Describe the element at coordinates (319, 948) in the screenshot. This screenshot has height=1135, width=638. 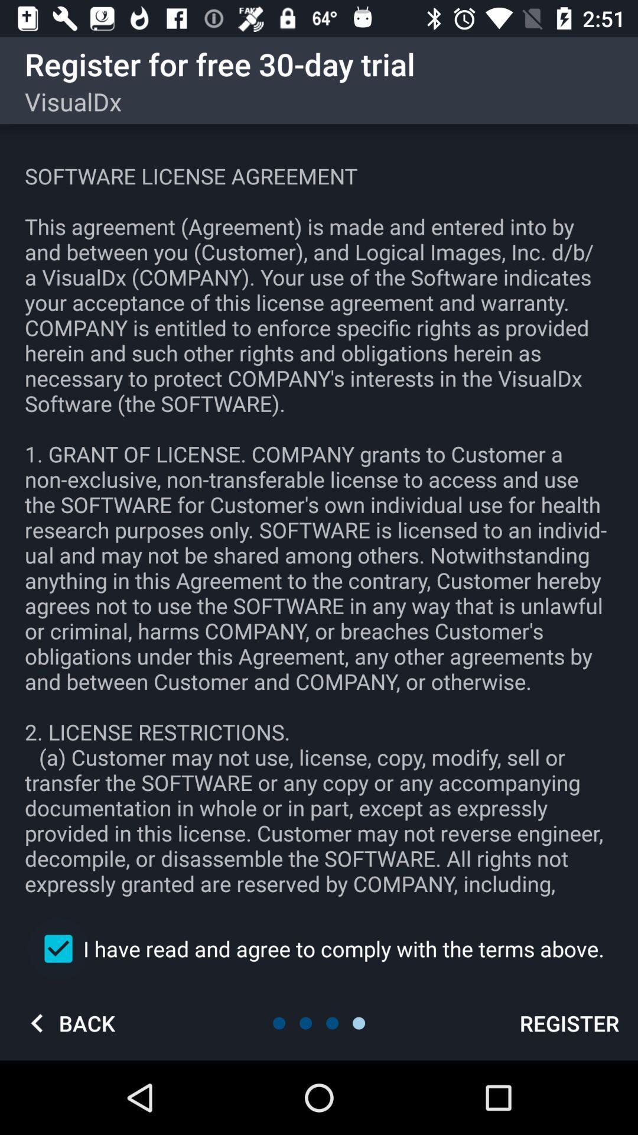
I see `the item above the back icon` at that location.